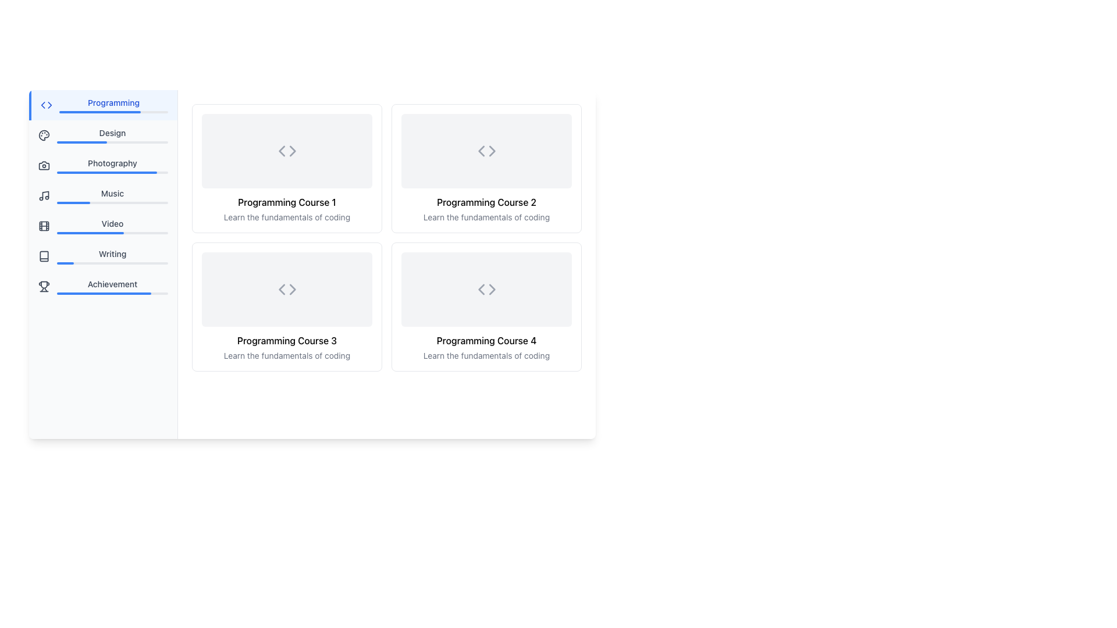 This screenshot has height=628, width=1117. Describe the element at coordinates (486, 288) in the screenshot. I see `the code icon represented by two triangular brackets within the light gray rectangular area, located in the second row and second column of the grid, associated with 'Programming Course 4'` at that location.